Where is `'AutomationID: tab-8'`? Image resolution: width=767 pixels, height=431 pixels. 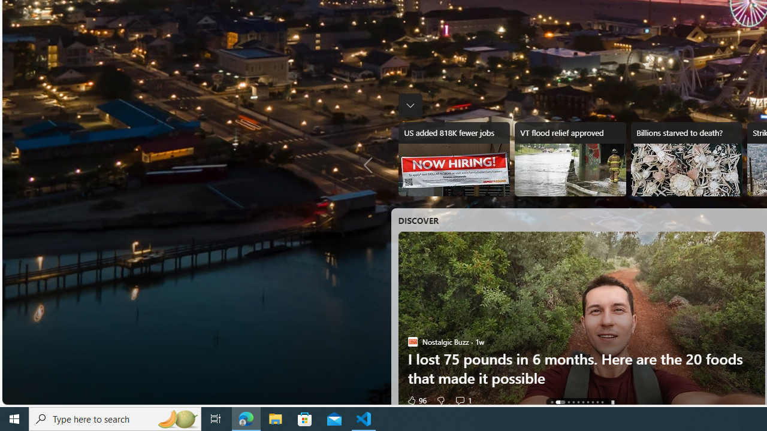 'AutomationID: tab-8' is located at coordinates (597, 402).